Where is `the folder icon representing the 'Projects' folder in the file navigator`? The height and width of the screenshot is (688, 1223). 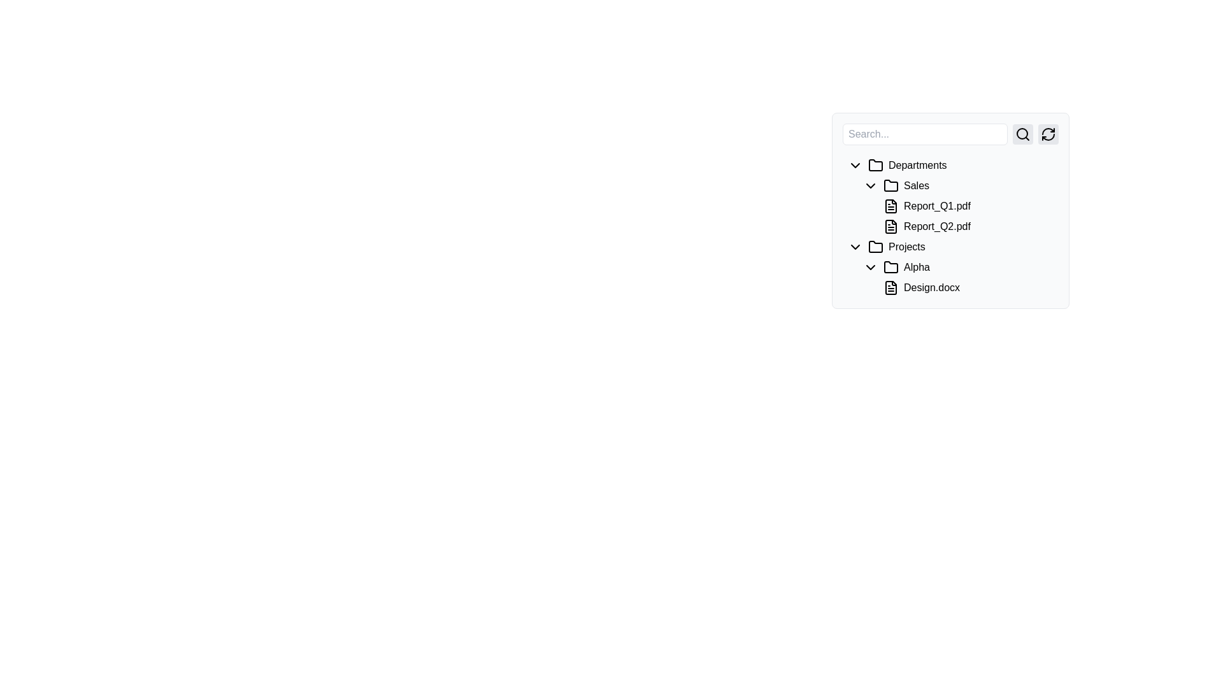
the folder icon representing the 'Projects' folder in the file navigator is located at coordinates (875, 247).